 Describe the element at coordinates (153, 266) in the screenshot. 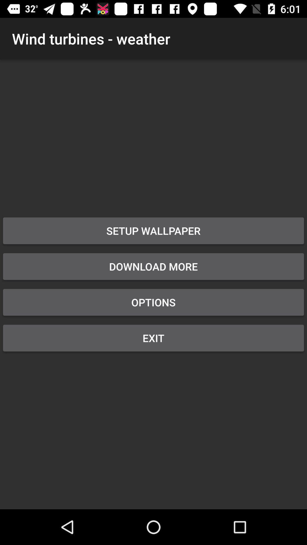

I see `the download more button` at that location.